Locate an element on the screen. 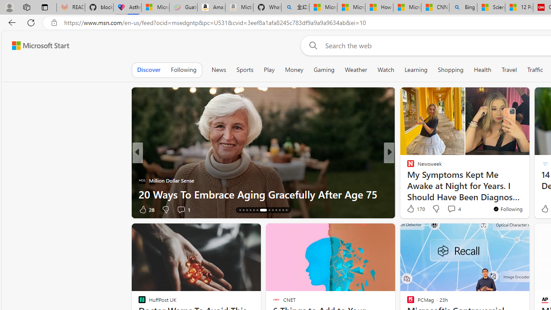  'View comments 5 Comment' is located at coordinates (446, 209).